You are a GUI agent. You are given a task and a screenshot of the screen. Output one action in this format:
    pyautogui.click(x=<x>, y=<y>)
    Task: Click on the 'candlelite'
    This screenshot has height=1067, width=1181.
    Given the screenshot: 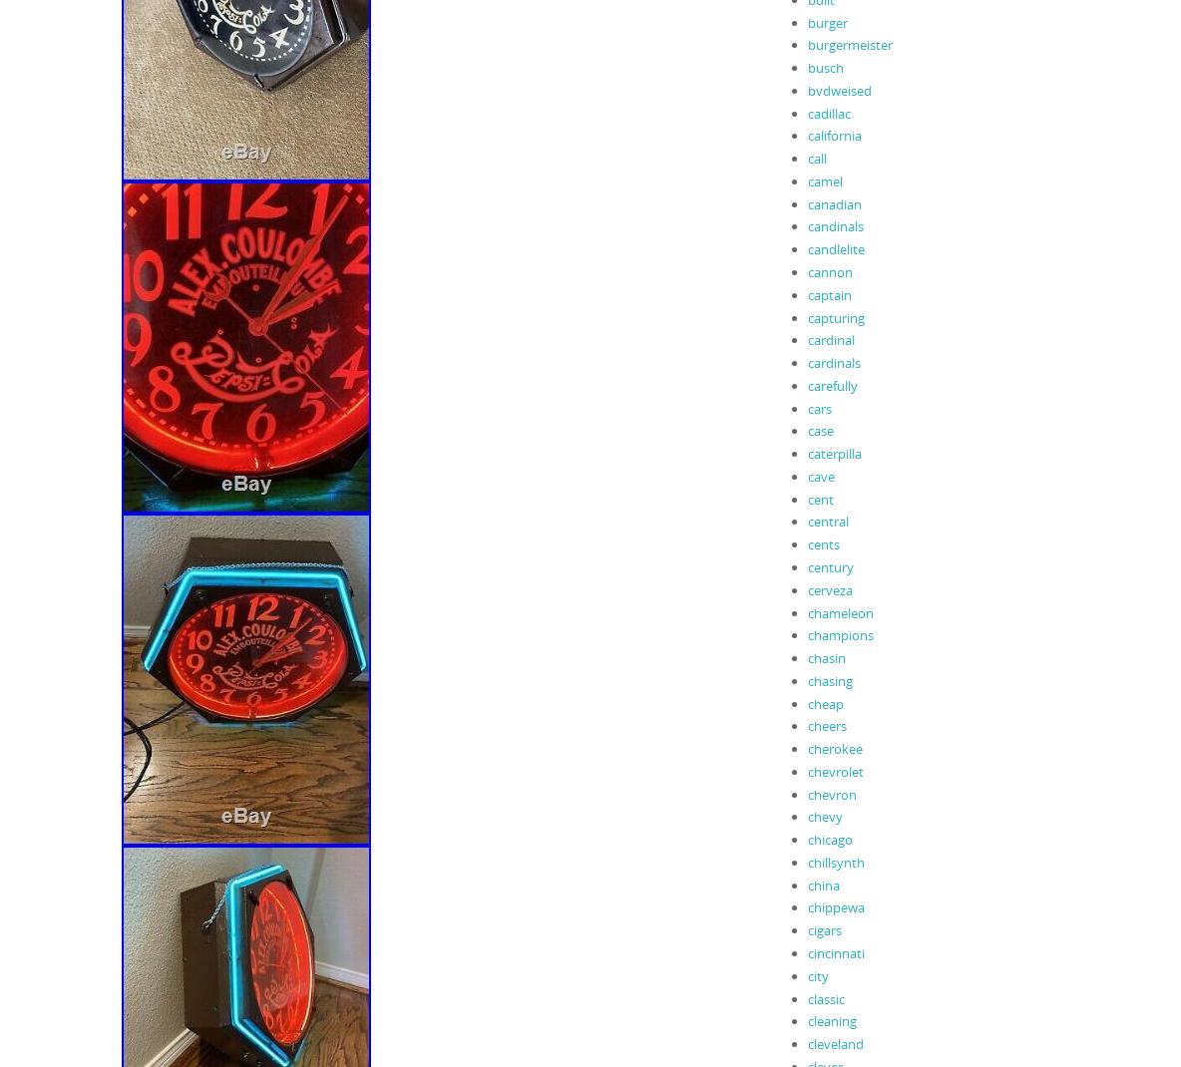 What is the action you would take?
    pyautogui.click(x=806, y=247)
    